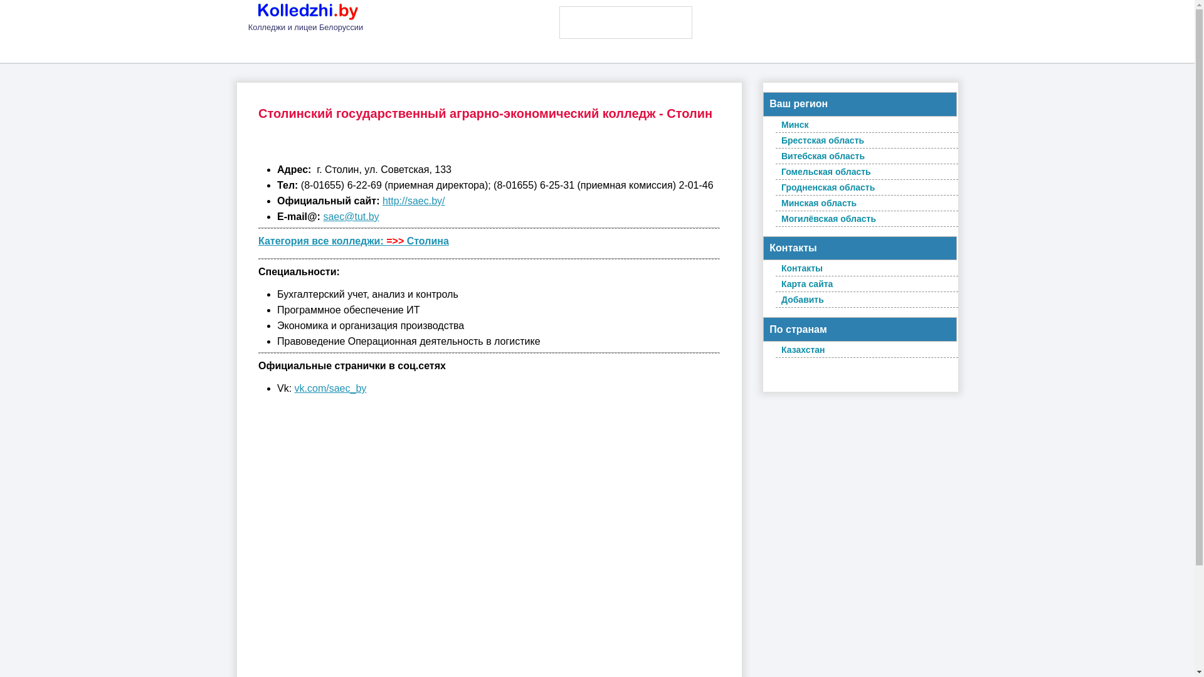 The image size is (1204, 677). I want to click on 'vk.com/saec_by', so click(330, 387).